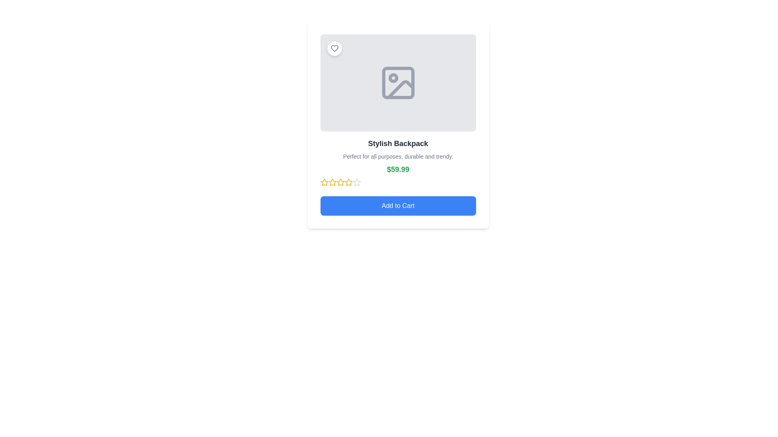 This screenshot has height=437, width=778. I want to click on the second star icon filled with yellow color and outlined with a dark border to interact with the product rating system, so click(324, 182).